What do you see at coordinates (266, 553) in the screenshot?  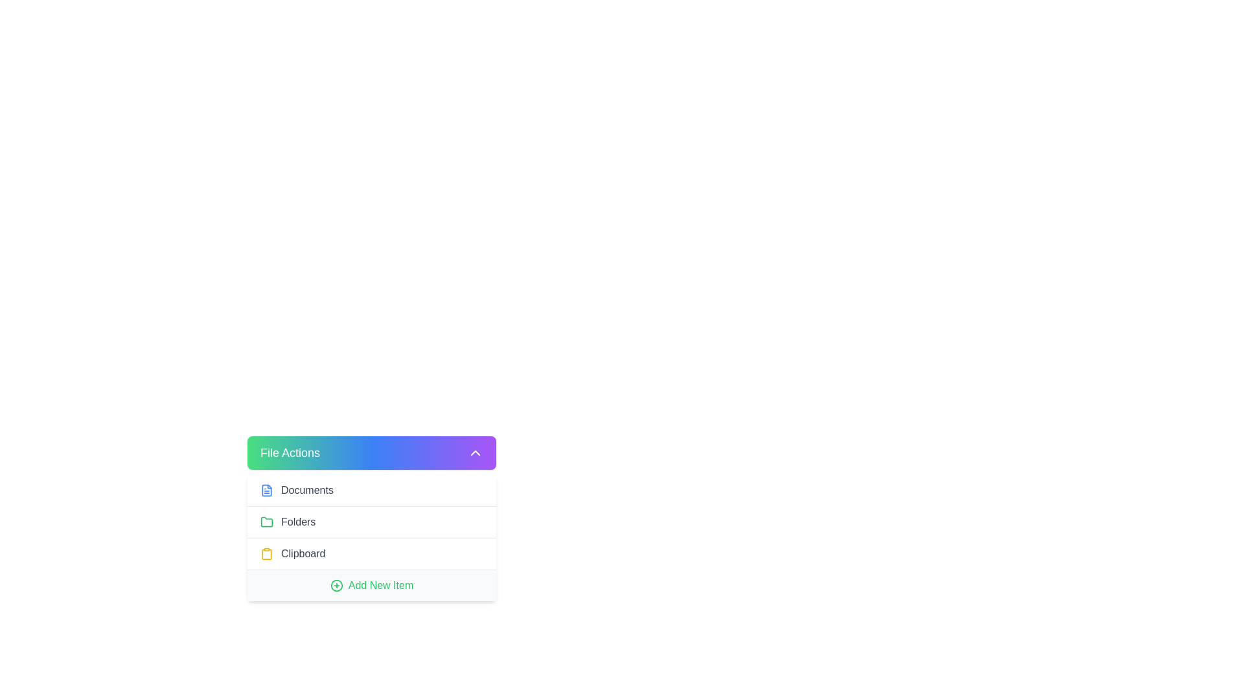 I see `the clipboard icon located in the 'File Actions' menu, specifically in the third row labeled 'Clipboard'` at bounding box center [266, 553].